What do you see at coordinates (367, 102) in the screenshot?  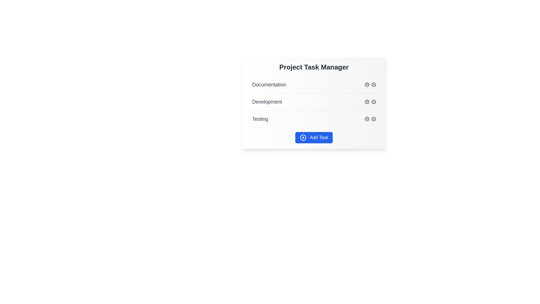 I see `the circular checkmark button located to the right of the 'Development' task identifier` at bounding box center [367, 102].